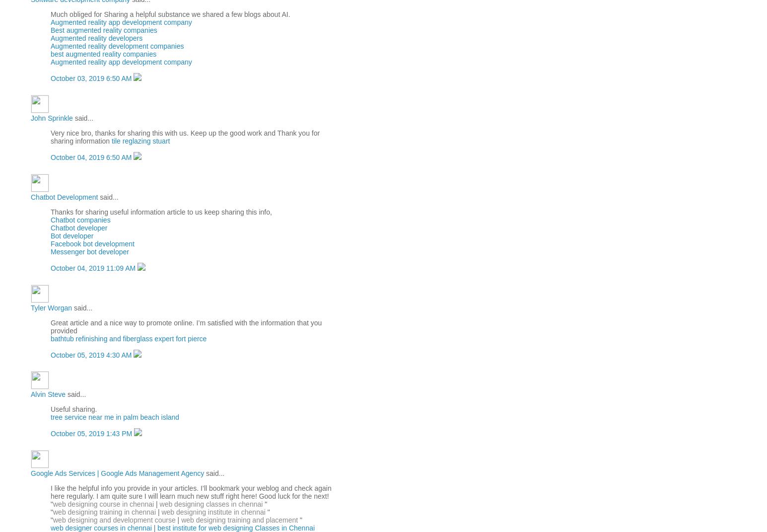 This screenshot has width=767, height=532. I want to click on 'web designing institute in chennai', so click(212, 512).